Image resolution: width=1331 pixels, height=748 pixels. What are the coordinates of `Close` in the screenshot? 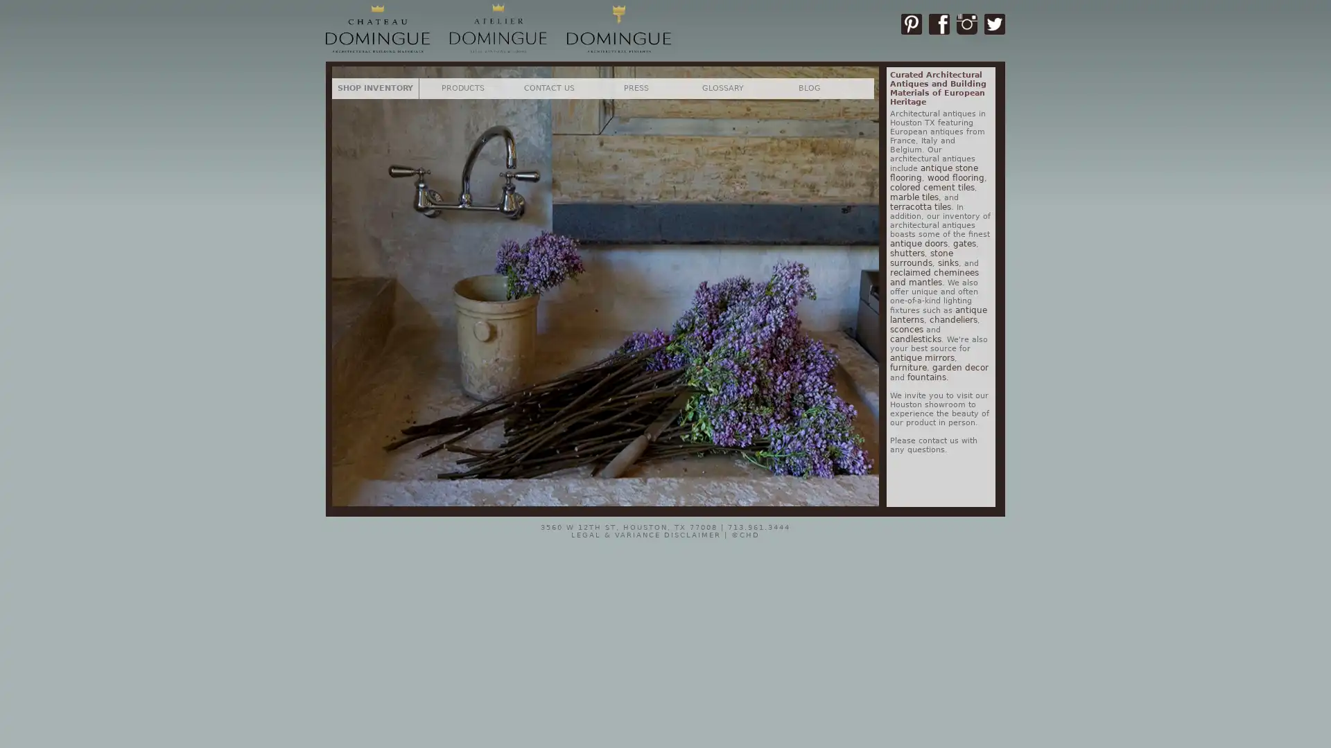 It's located at (828, 273).